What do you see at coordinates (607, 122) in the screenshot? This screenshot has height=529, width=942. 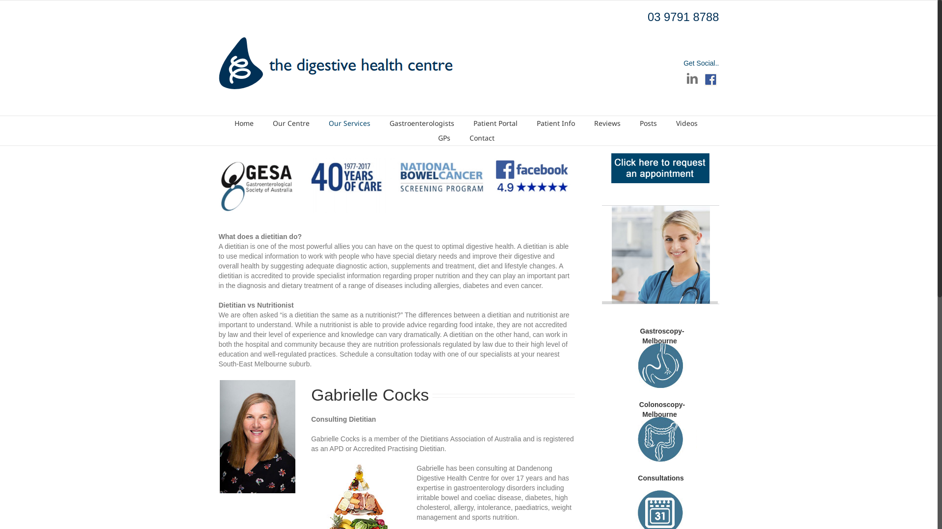 I see `'Reviews'` at bounding box center [607, 122].